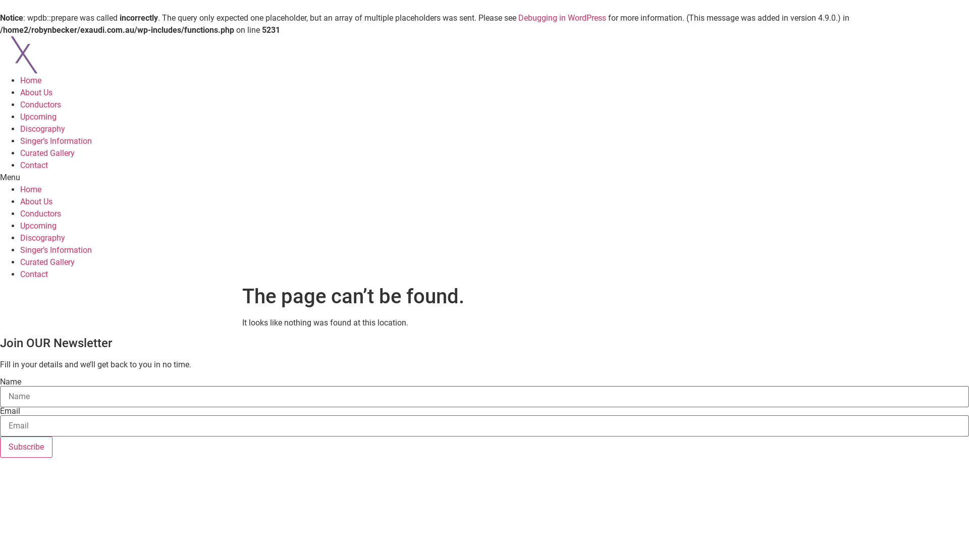  Describe the element at coordinates (47, 261) in the screenshot. I see `'Curated Gallery'` at that location.